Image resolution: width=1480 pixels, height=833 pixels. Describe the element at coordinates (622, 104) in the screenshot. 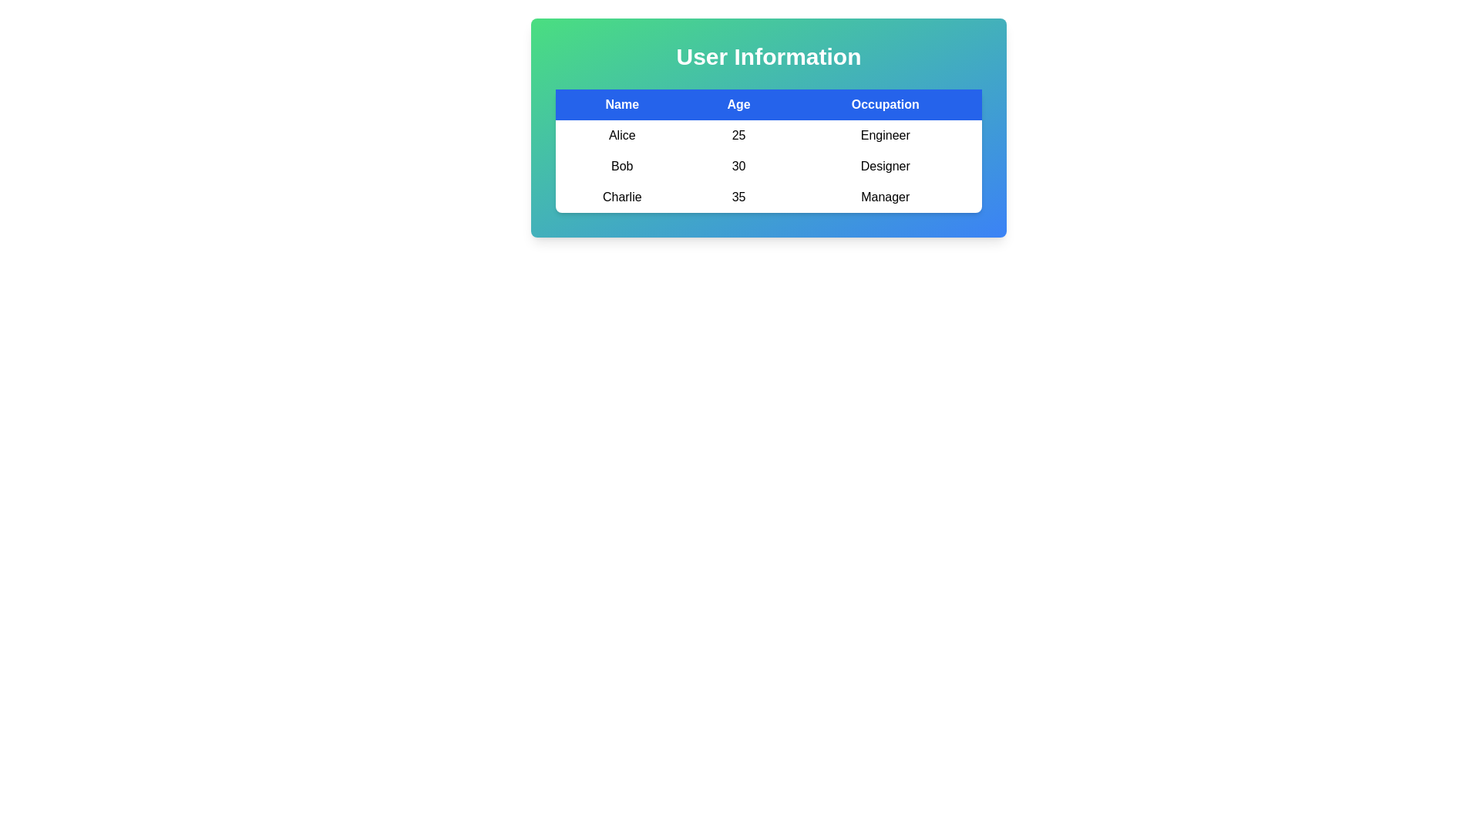

I see `the 'Name' text label, which is the first header in a series of three within a horizontally aligned table structure, displaying in white font on a blue background` at that location.